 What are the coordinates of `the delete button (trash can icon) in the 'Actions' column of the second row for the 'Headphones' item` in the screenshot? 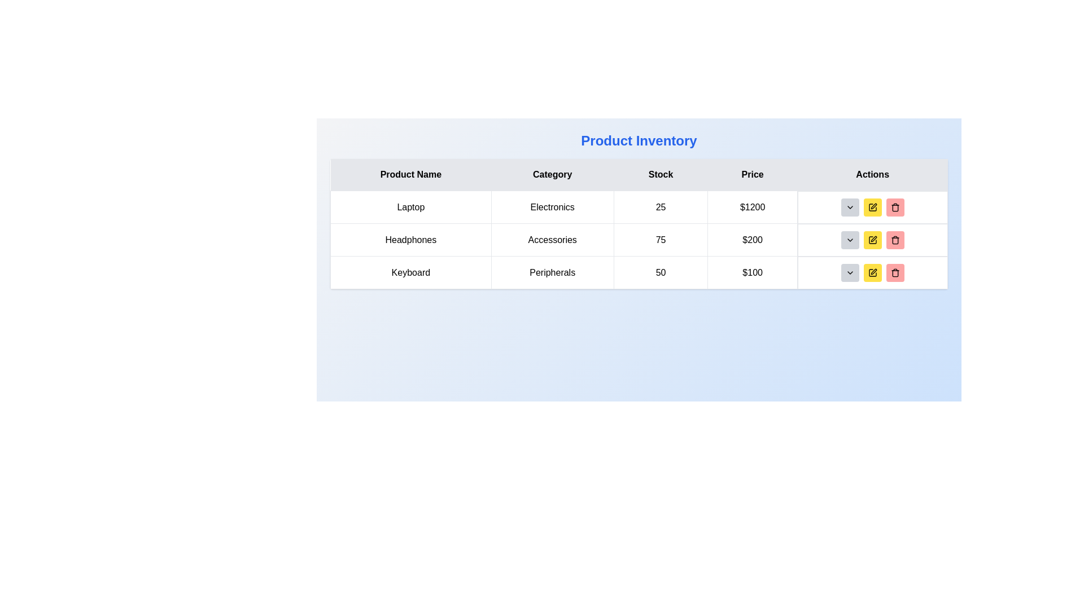 It's located at (894, 239).